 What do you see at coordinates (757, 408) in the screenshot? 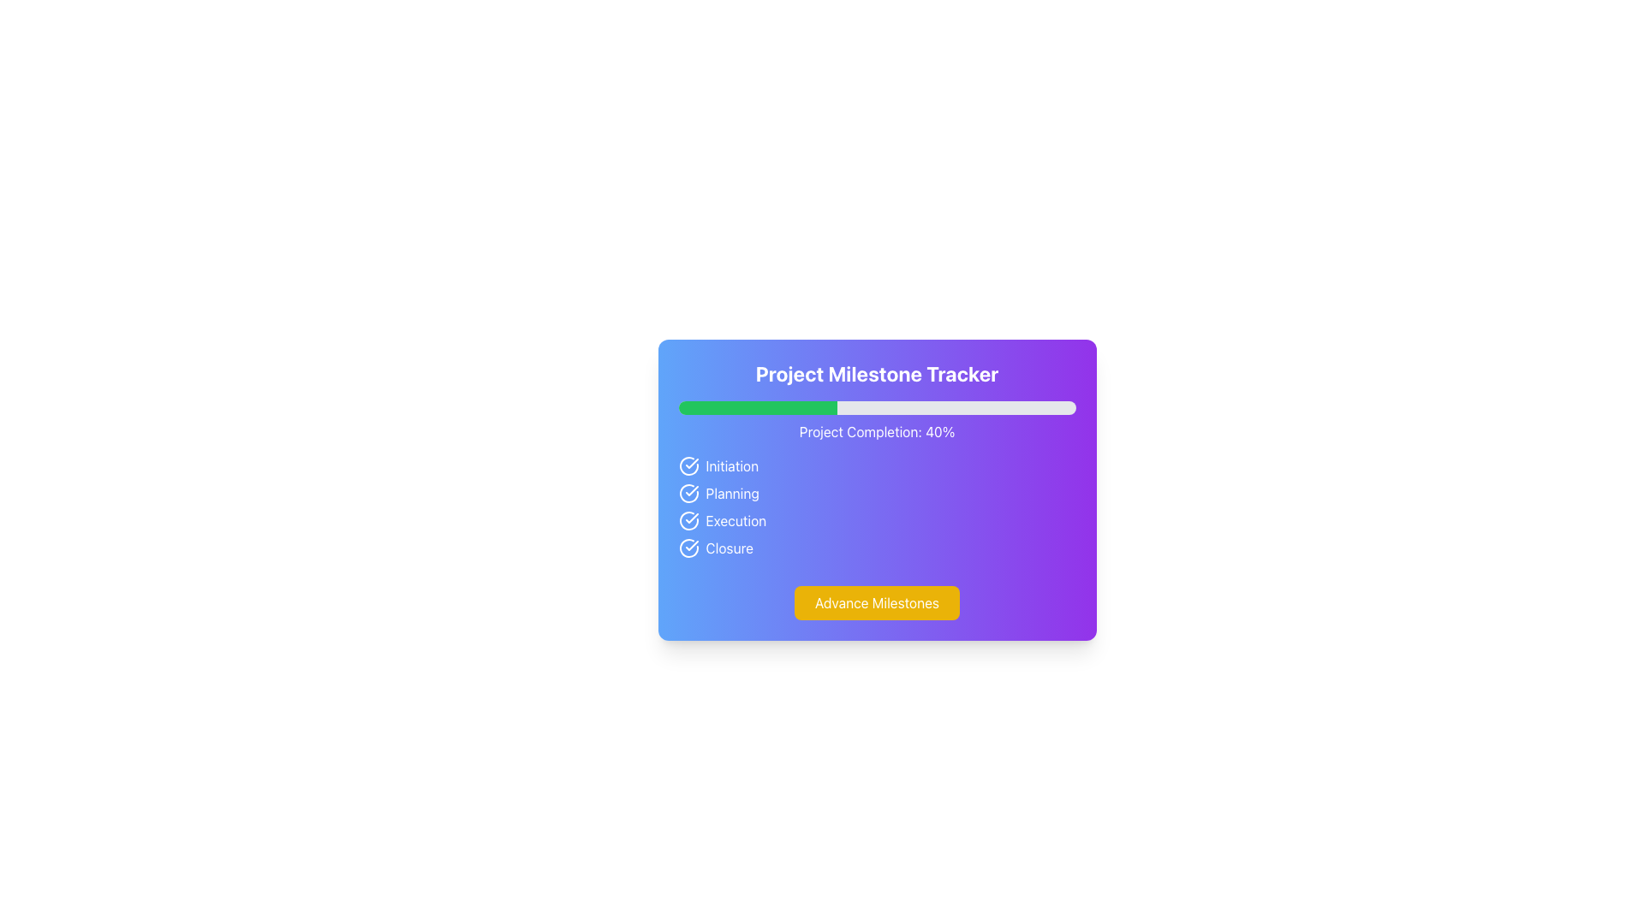
I see `the Progress Indicator that visually represents 40% completion within the 'Project Milestone Tracker' card` at bounding box center [757, 408].